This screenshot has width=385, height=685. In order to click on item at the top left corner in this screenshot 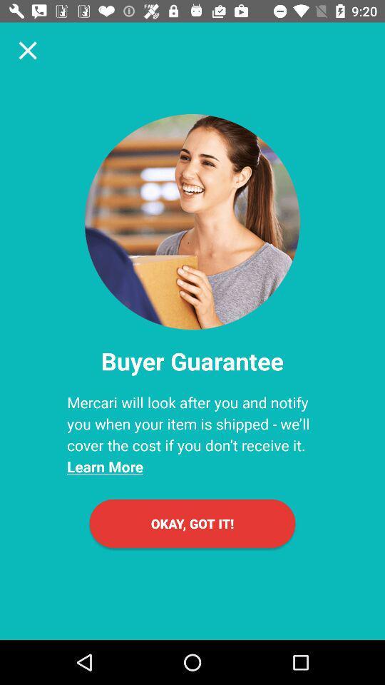, I will do `click(28, 50)`.